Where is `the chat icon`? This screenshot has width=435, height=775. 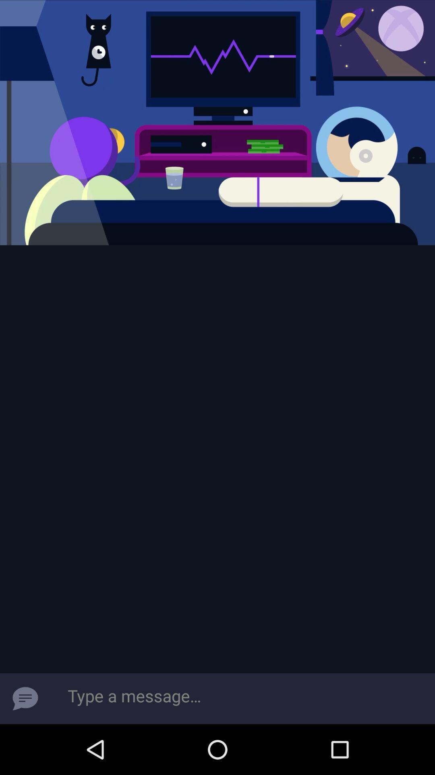 the chat icon is located at coordinates (25, 698).